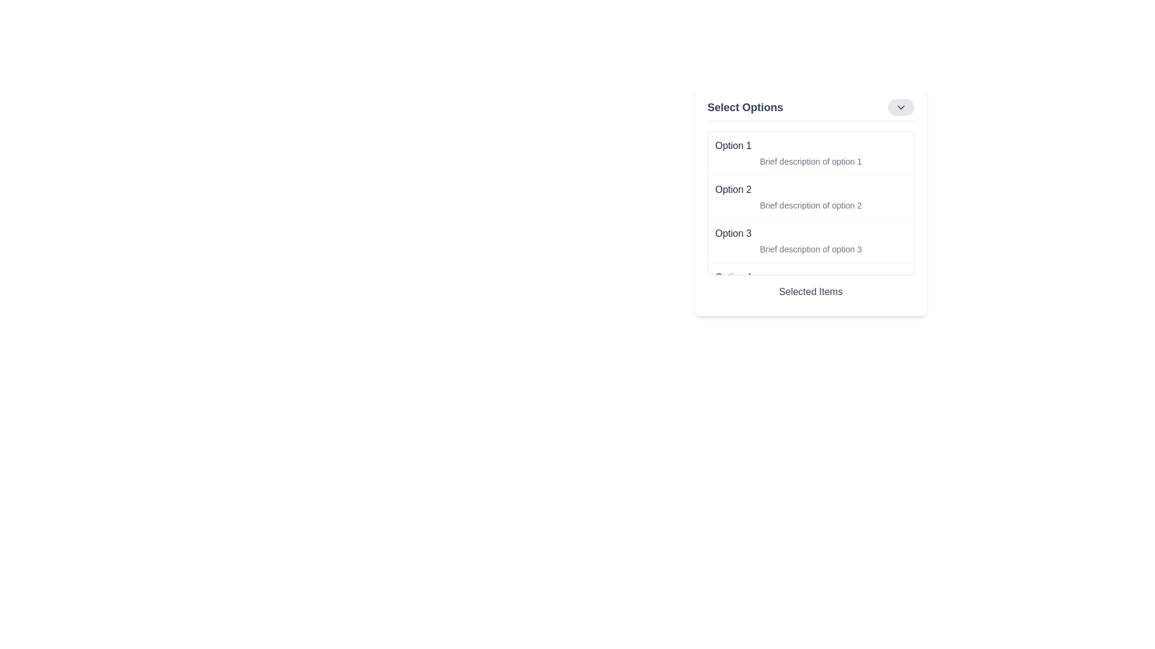  I want to click on the list item displaying 'Option 3', so click(811, 240).